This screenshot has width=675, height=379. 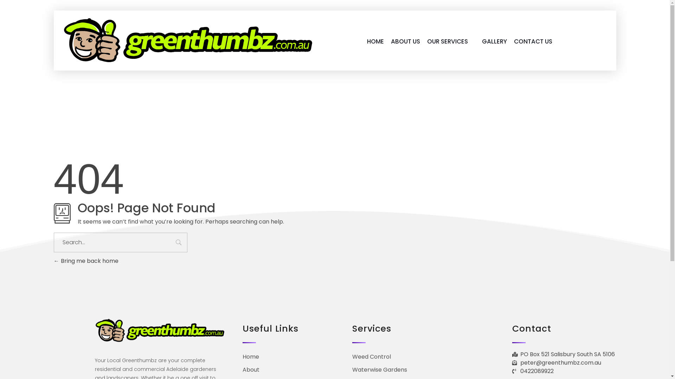 What do you see at coordinates (375, 41) in the screenshot?
I see `'HOME'` at bounding box center [375, 41].